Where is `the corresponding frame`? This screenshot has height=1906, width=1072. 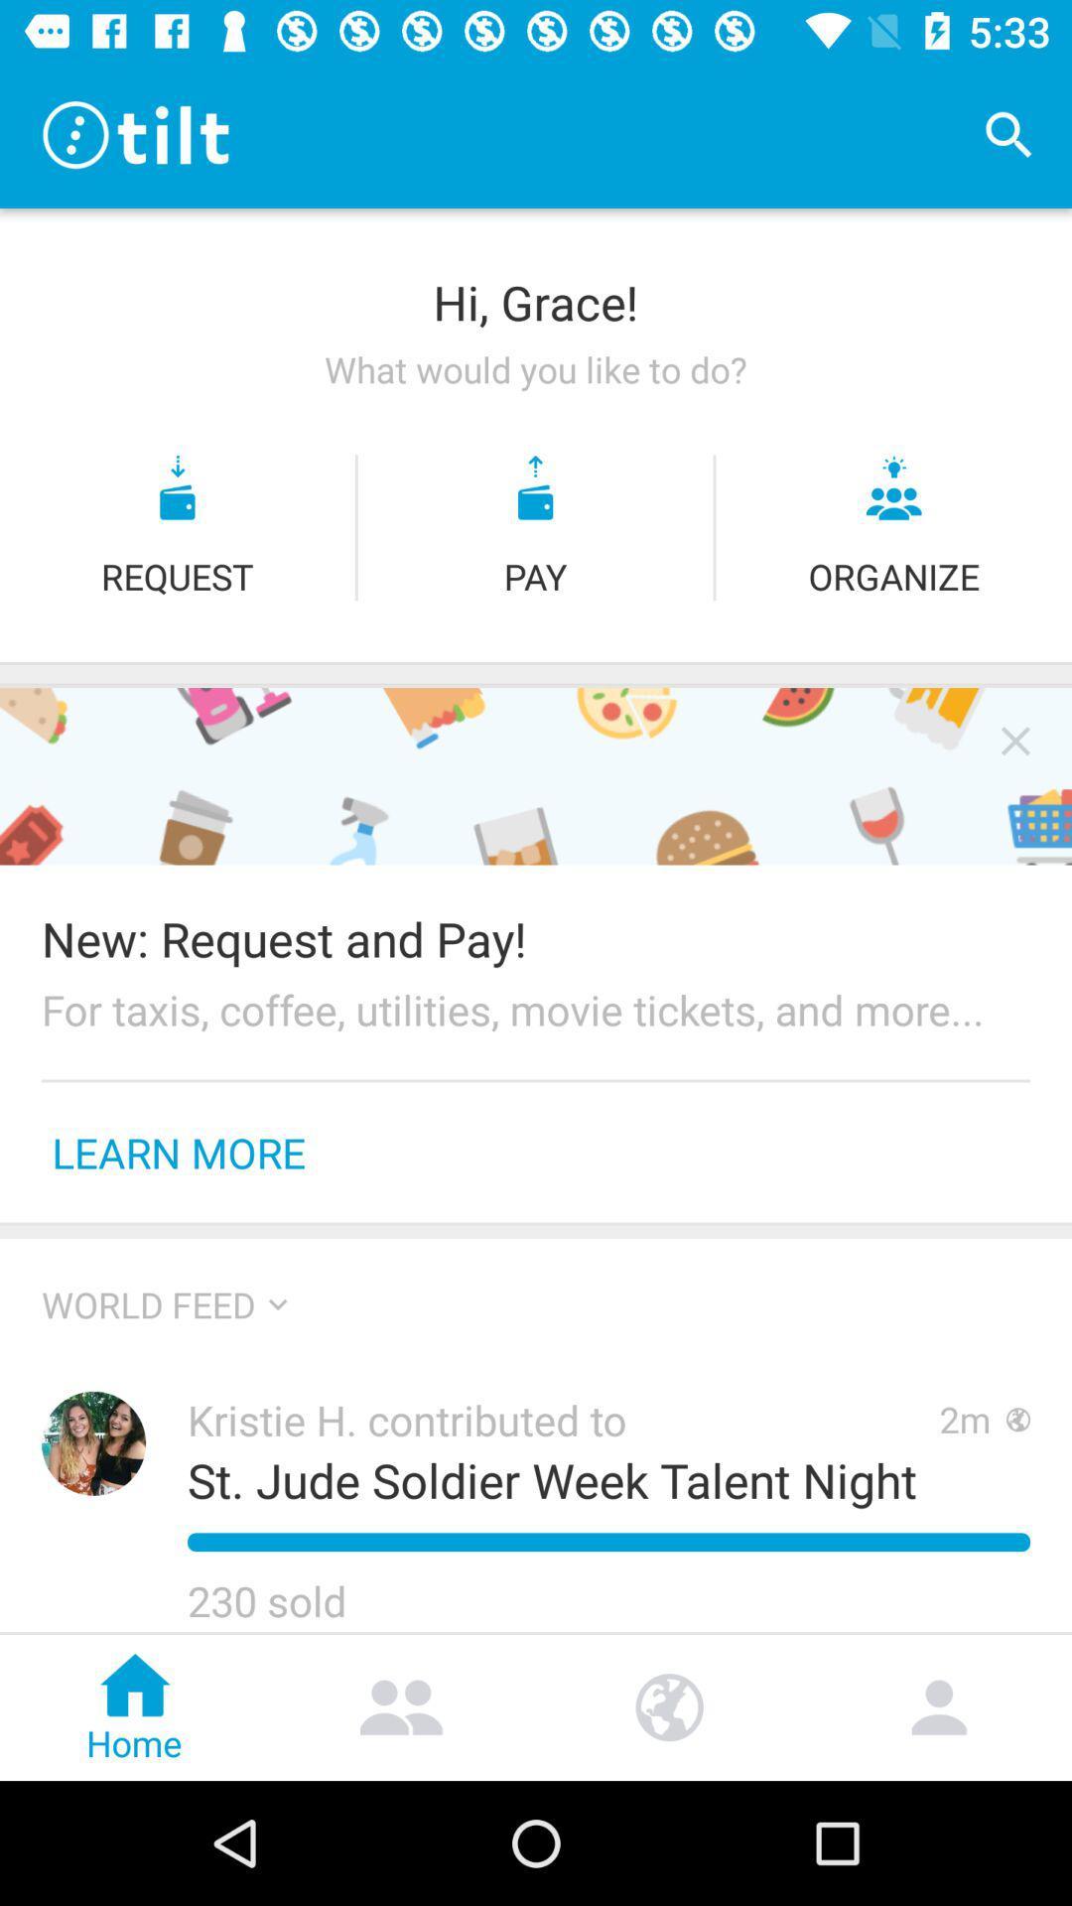 the corresponding frame is located at coordinates (1015, 740).